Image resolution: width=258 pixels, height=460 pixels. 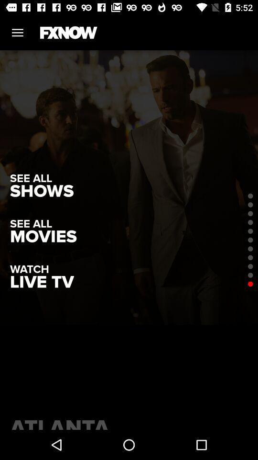 What do you see at coordinates (129, 422) in the screenshot?
I see `item below the live tv item` at bounding box center [129, 422].